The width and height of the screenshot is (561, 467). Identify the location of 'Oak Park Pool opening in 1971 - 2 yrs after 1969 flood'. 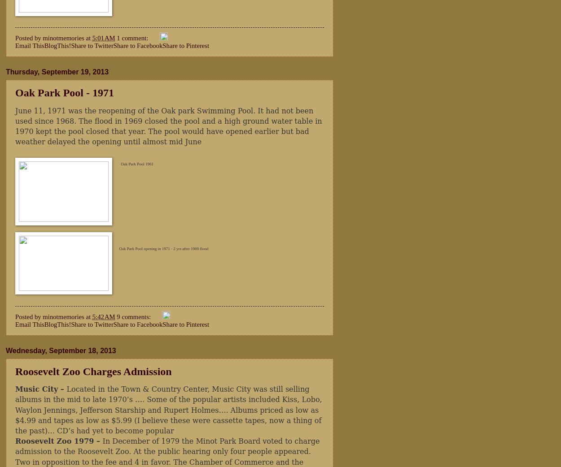
(163, 248).